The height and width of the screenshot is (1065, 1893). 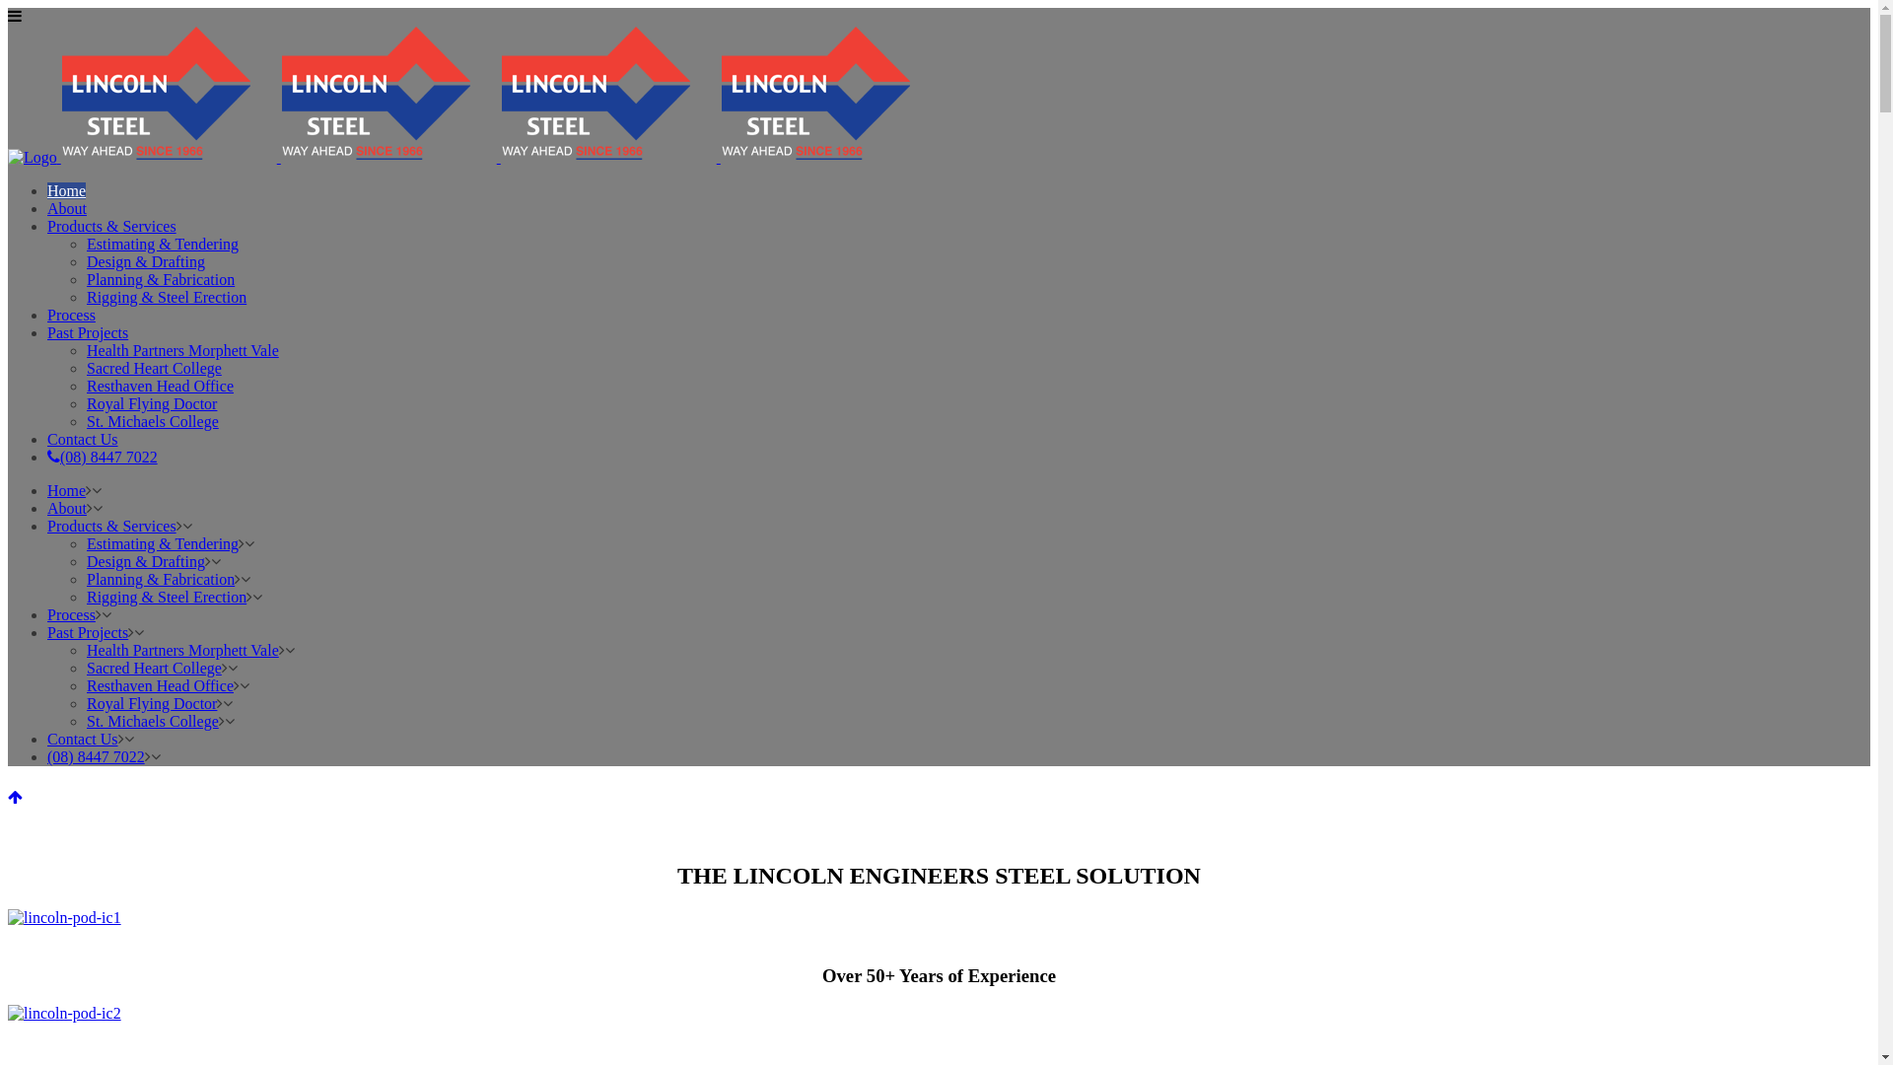 What do you see at coordinates (153, 368) in the screenshot?
I see `'Sacred Heart College'` at bounding box center [153, 368].